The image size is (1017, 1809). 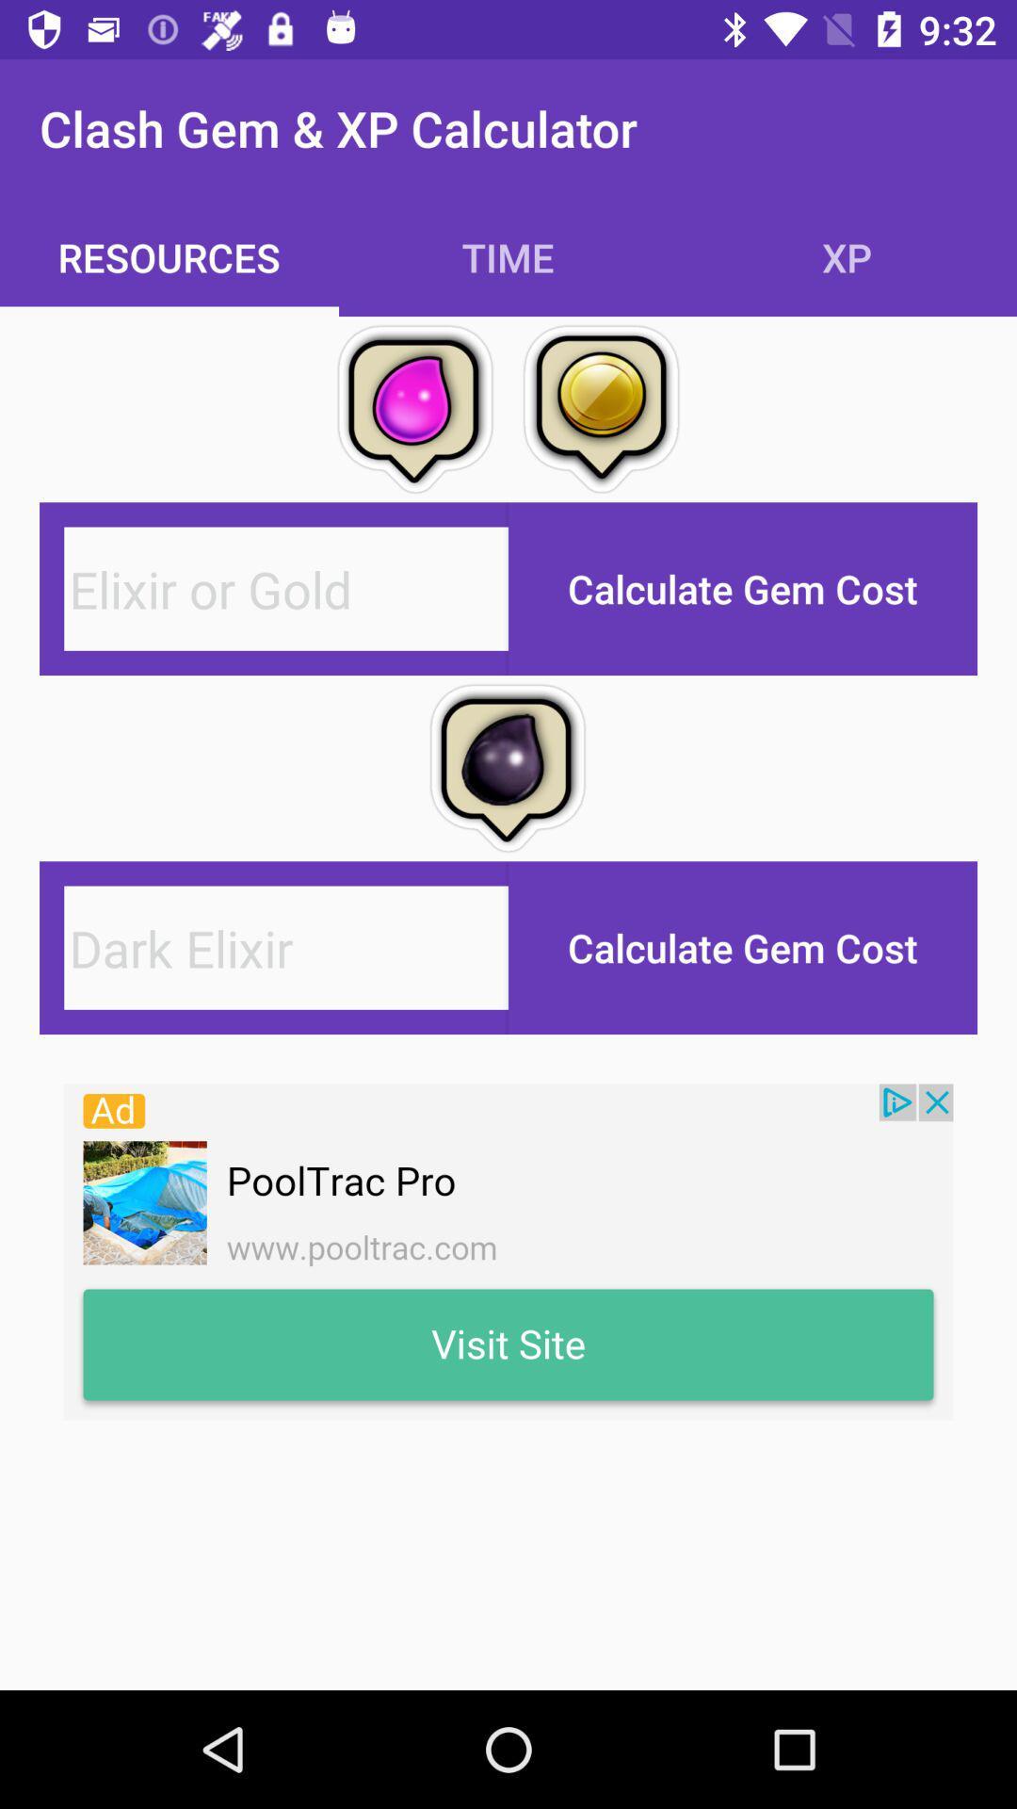 I want to click on adventisment page, so click(x=508, y=1252).